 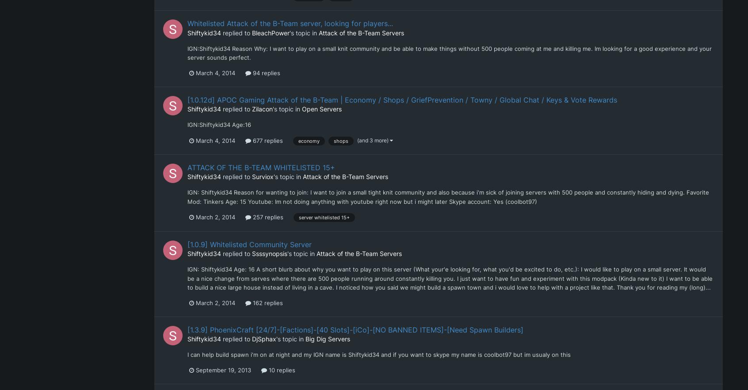 I want to click on 'economy', so click(x=298, y=140).